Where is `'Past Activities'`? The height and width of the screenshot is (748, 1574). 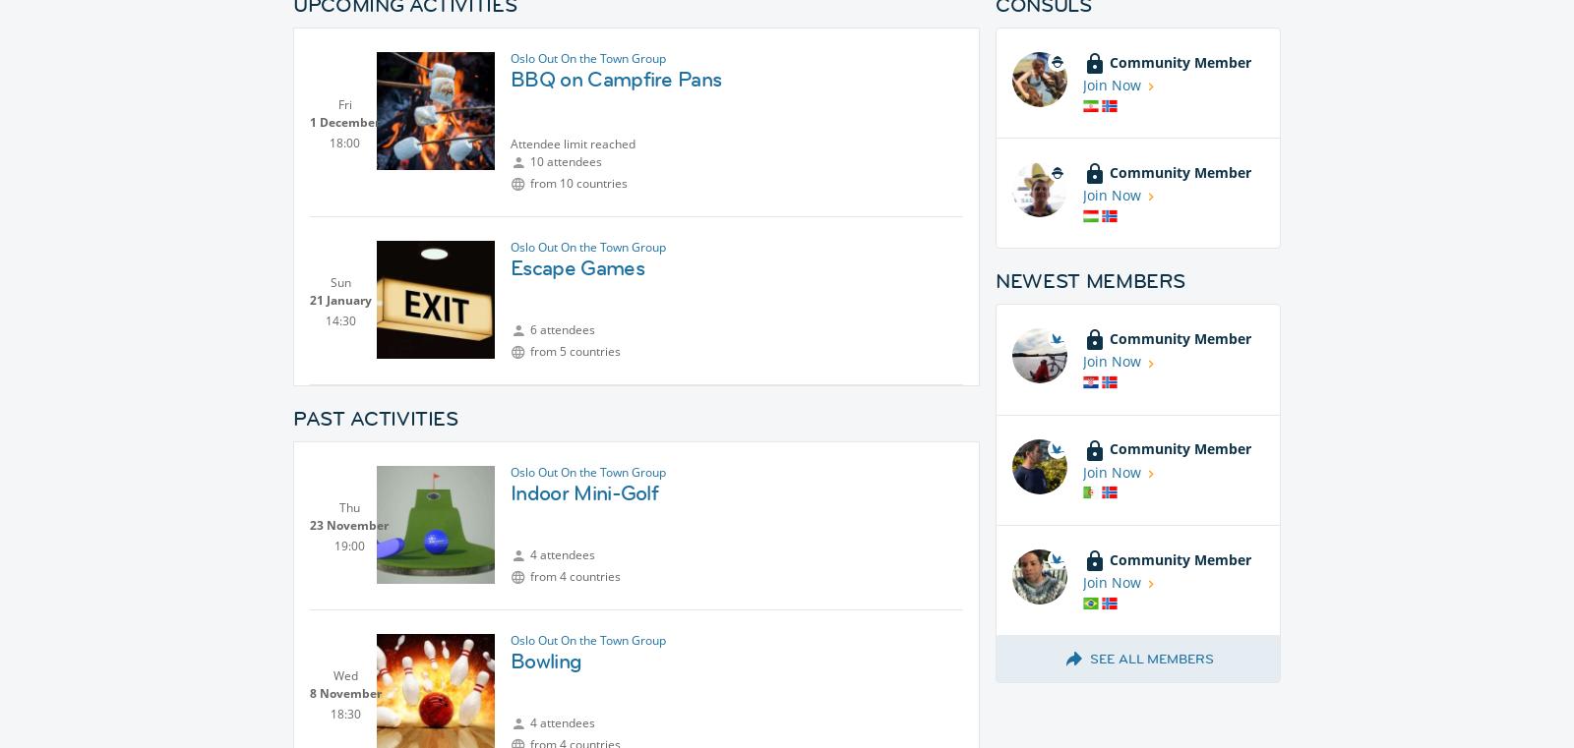
'Past Activities' is located at coordinates (375, 418).